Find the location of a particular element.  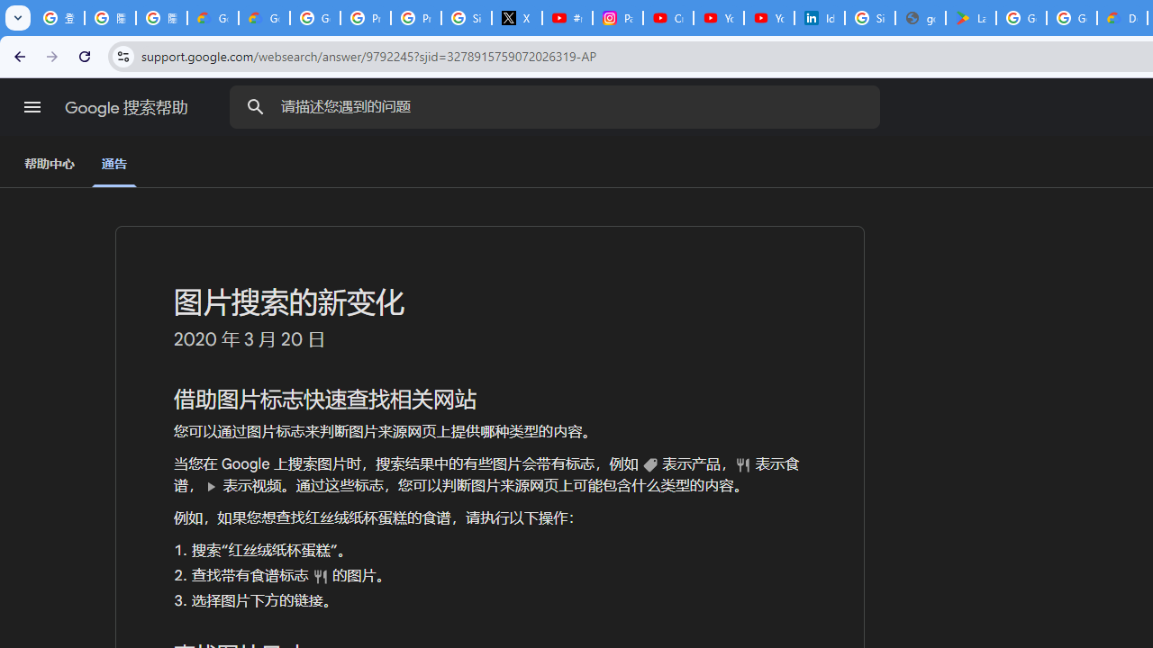

'Google Cloud Privacy Notice' is located at coordinates (263, 18).